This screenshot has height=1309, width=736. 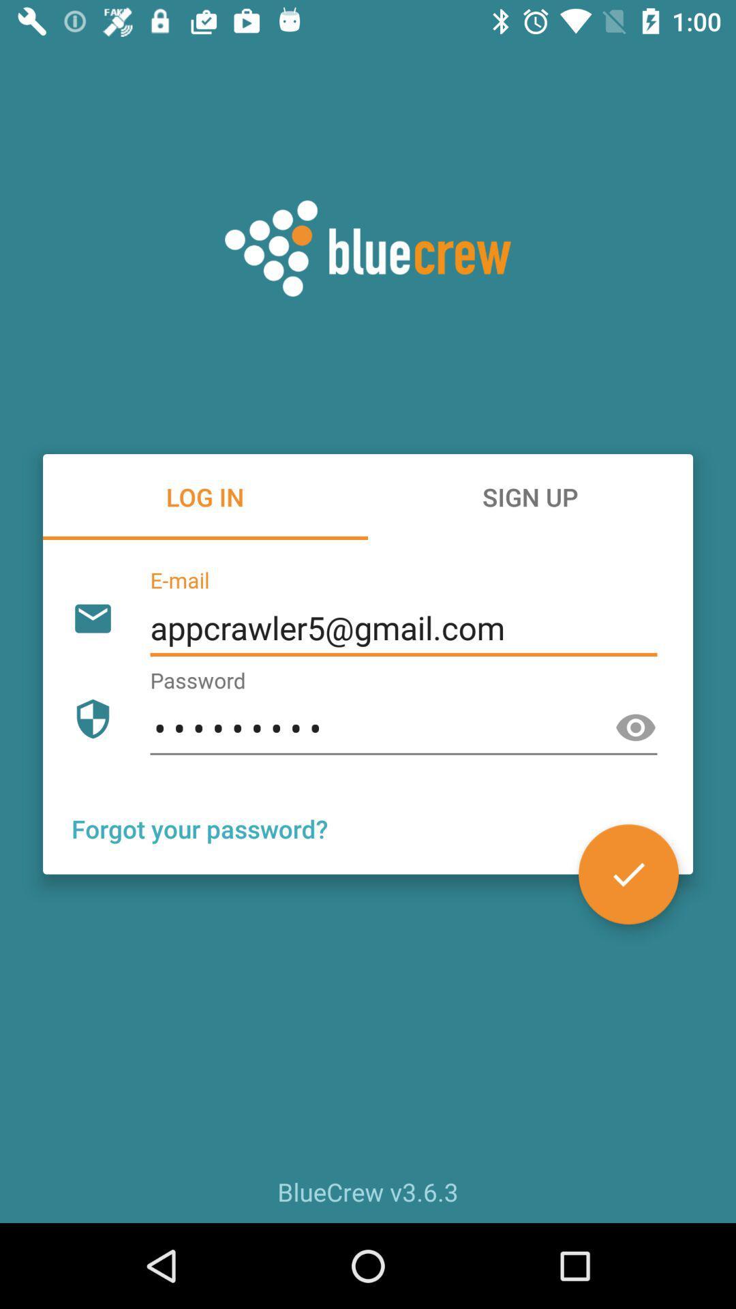 I want to click on the check icon, so click(x=628, y=874).